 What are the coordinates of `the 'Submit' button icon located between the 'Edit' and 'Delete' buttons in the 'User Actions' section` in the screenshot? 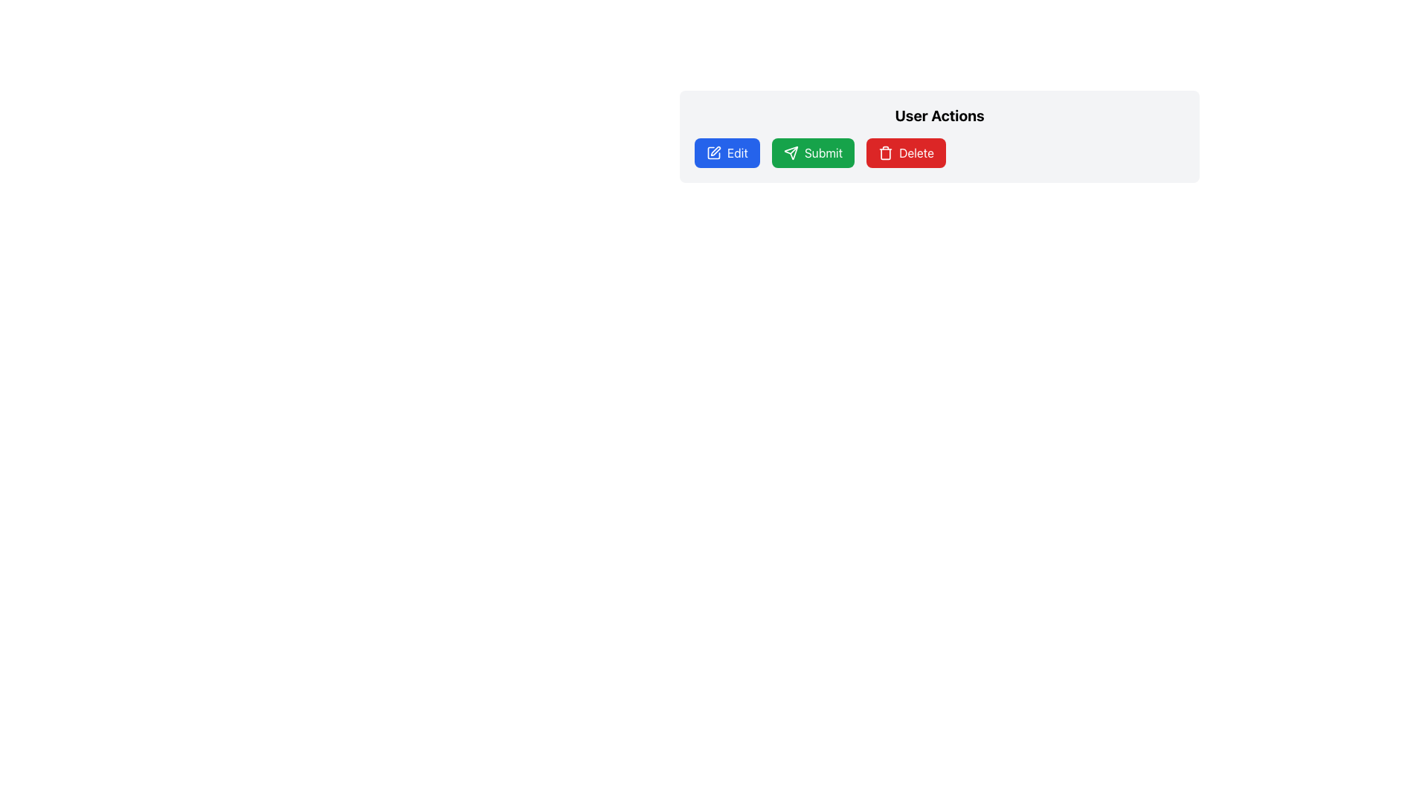 It's located at (793, 150).